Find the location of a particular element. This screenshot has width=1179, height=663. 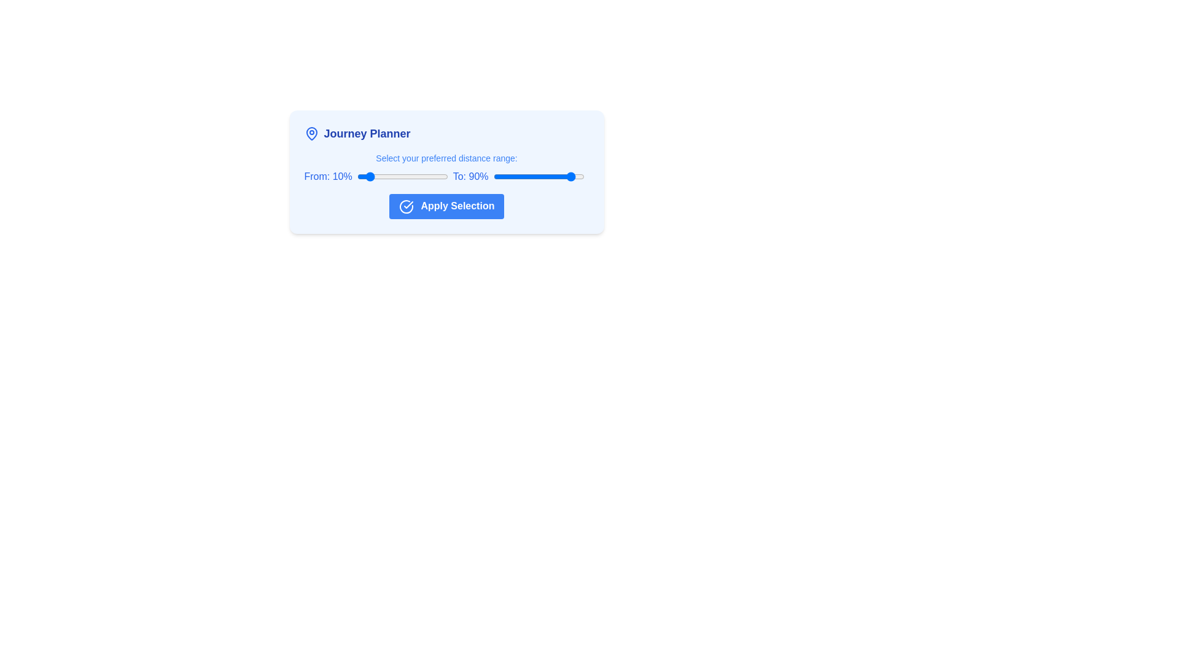

the range slider that allows users to set the maximum value of a preferred range, currently displaying '90%' is located at coordinates (539, 177).